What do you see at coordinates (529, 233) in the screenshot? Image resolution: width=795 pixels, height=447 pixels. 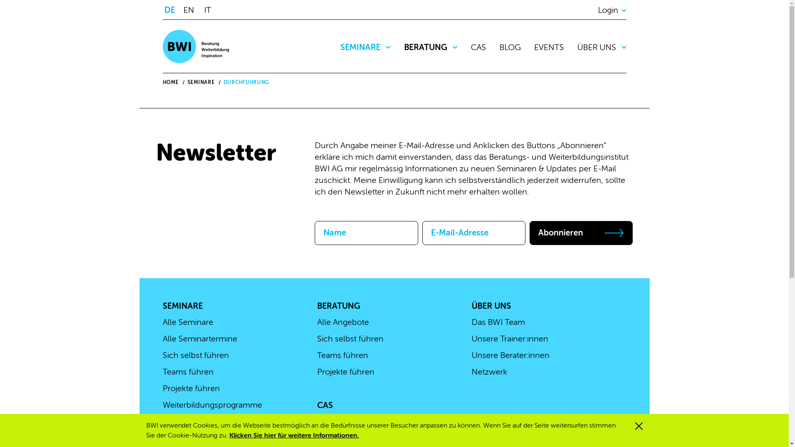 I see `'Abonnieren'` at bounding box center [529, 233].